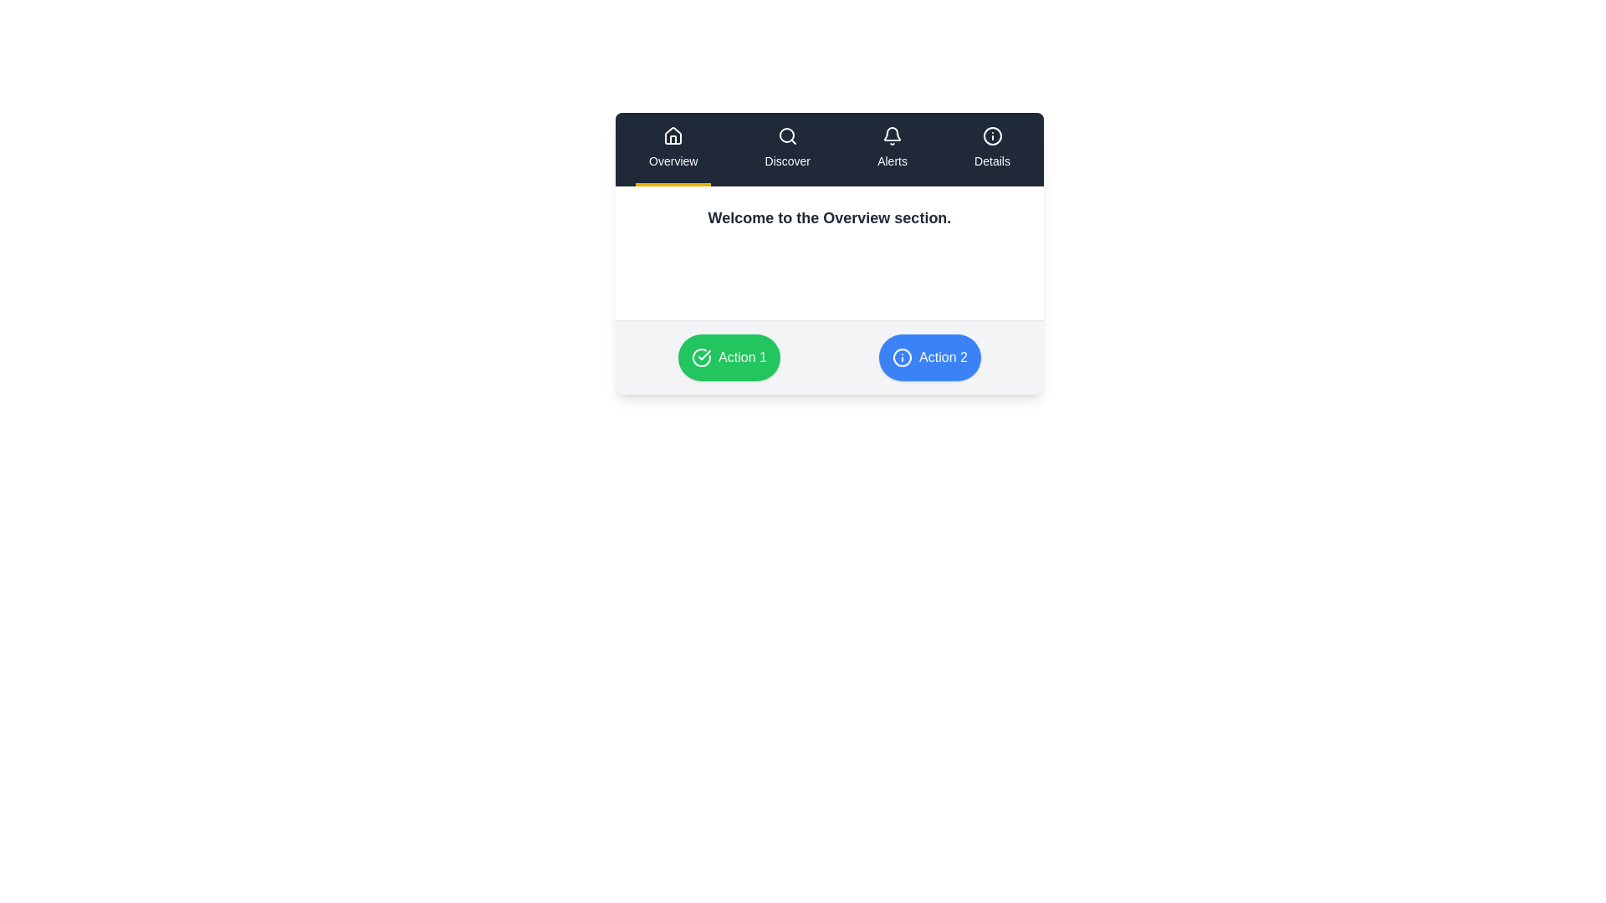 The height and width of the screenshot is (903, 1606). I want to click on the state of the alert icon located in the navigation bar, third from the left, indicating notifications or updates, so click(892, 133).